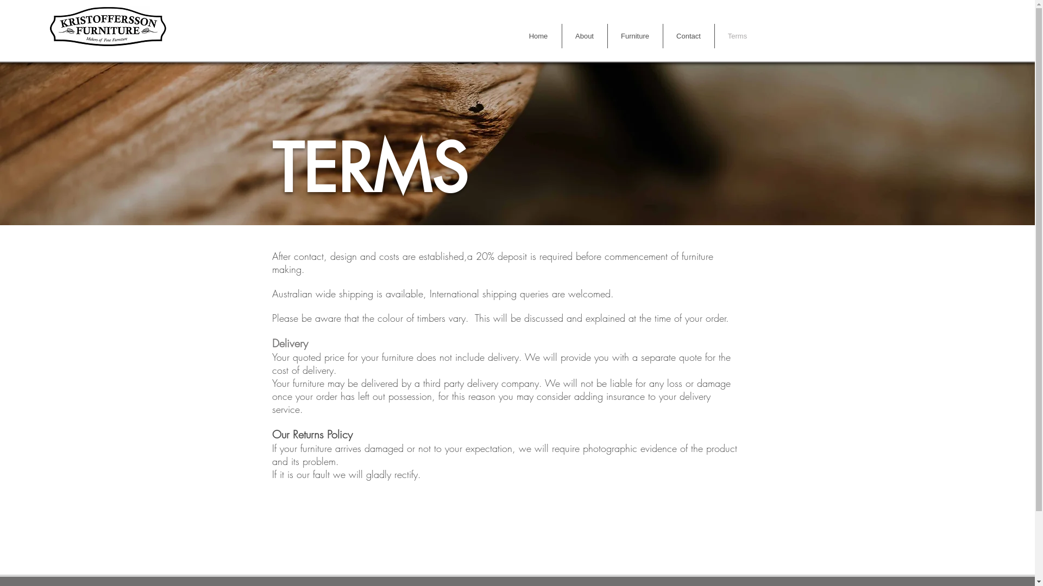  What do you see at coordinates (738, 35) in the screenshot?
I see `'Terms'` at bounding box center [738, 35].